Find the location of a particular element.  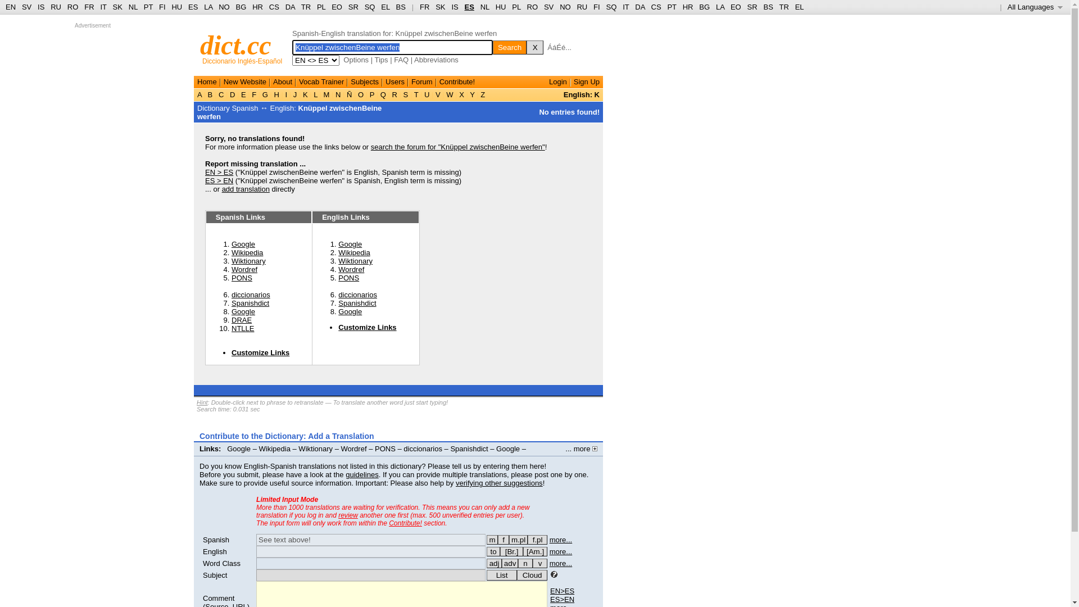

'FAQ' is located at coordinates (401, 60).